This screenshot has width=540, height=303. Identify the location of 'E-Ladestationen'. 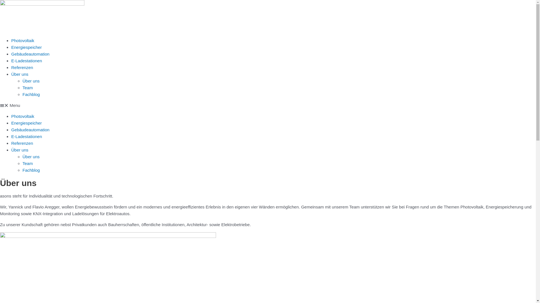
(26, 136).